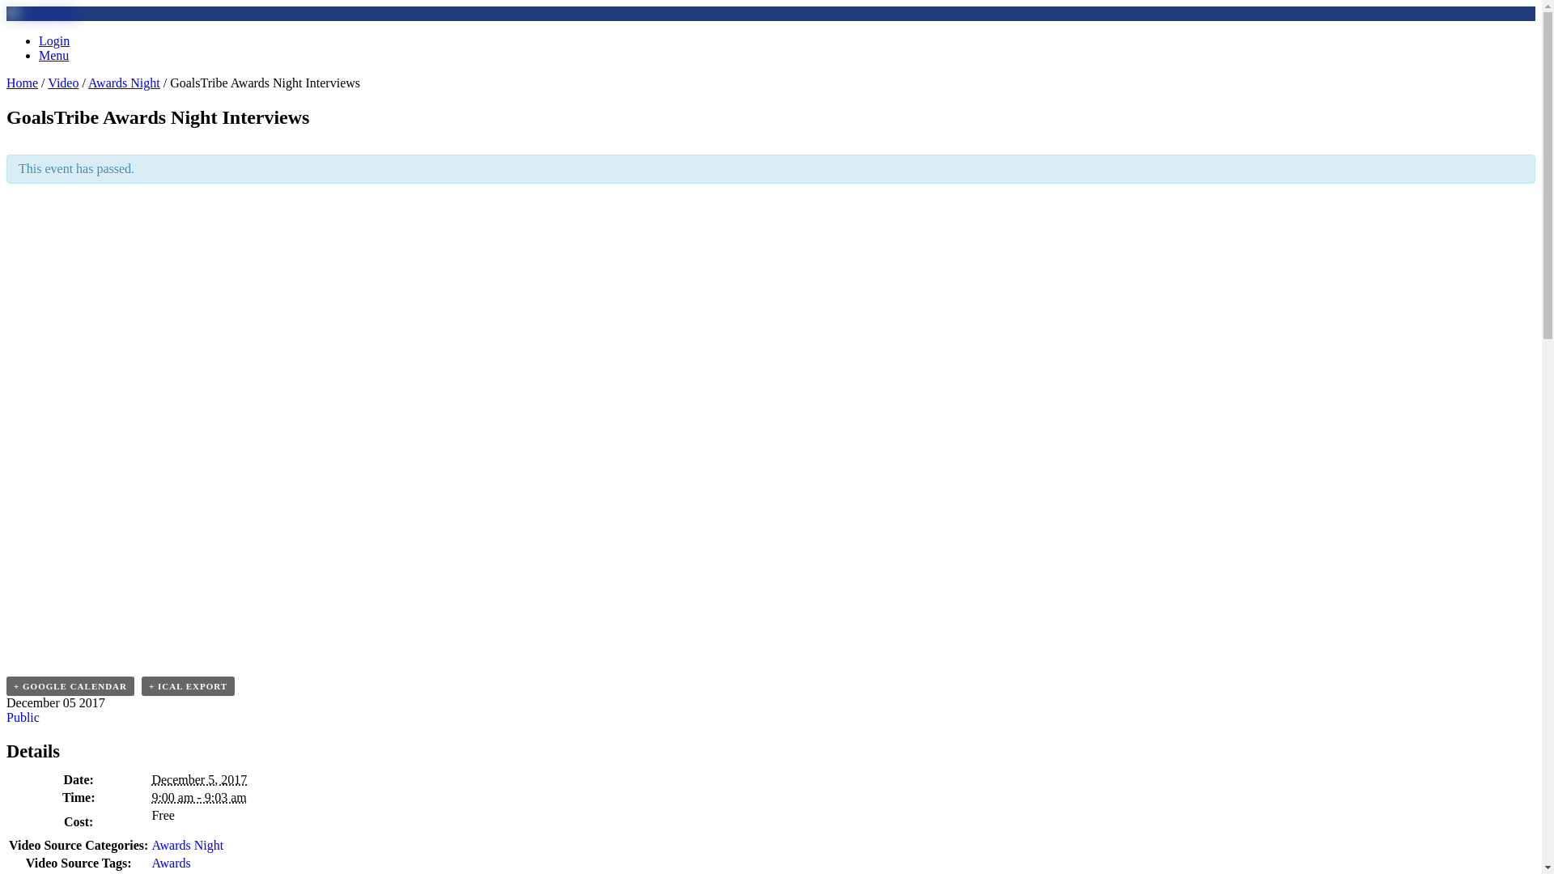 The image size is (1554, 874). I want to click on '+ ICAL EXPORT', so click(141, 686).